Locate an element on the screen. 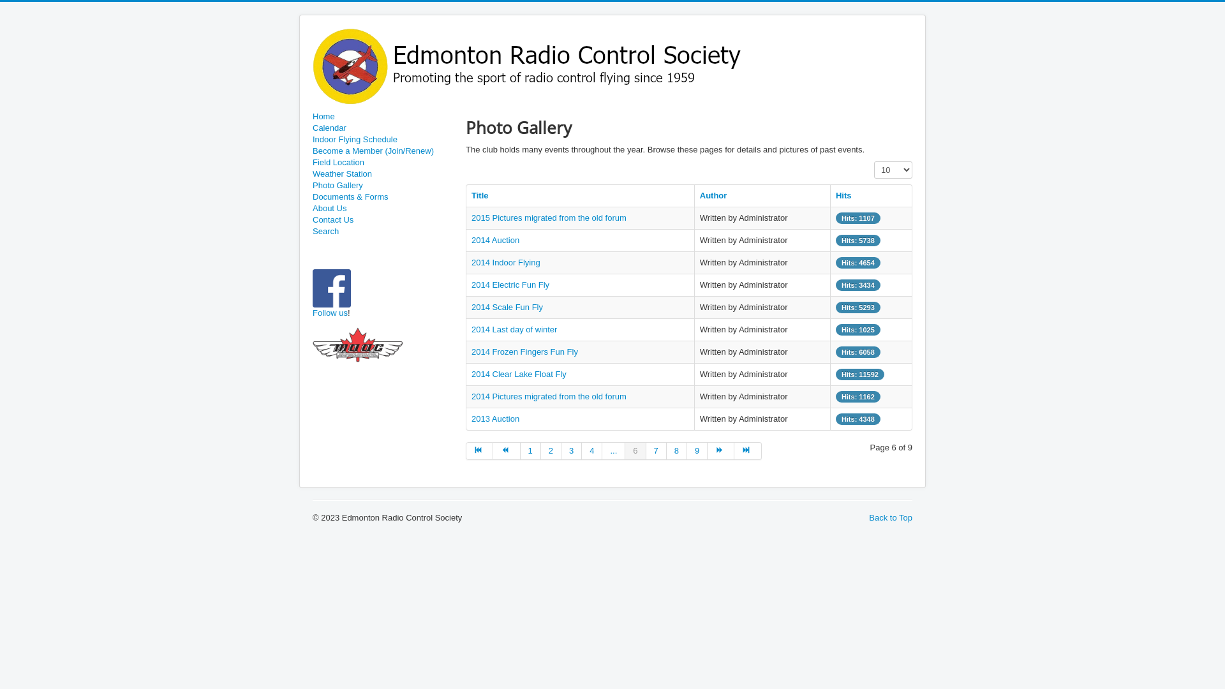 The height and width of the screenshot is (689, 1225). '3' is located at coordinates (571, 450).